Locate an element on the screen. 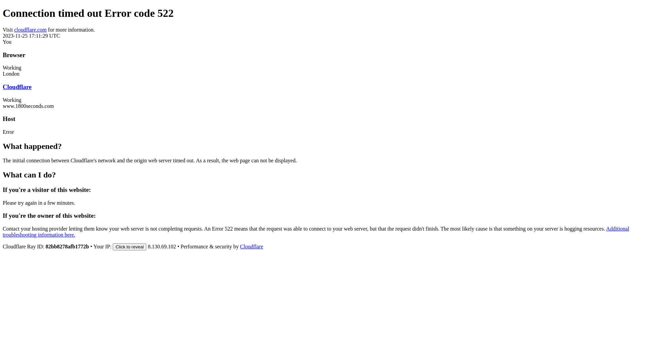 The height and width of the screenshot is (363, 646). 'Cloudflare' is located at coordinates (17, 86).